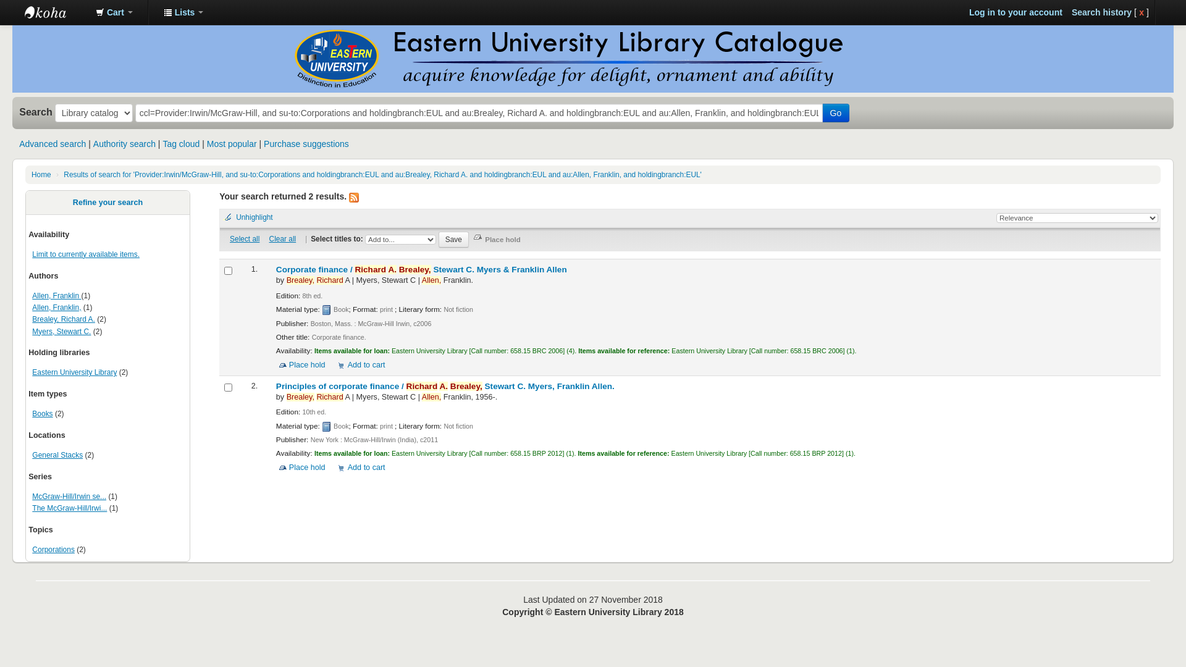  What do you see at coordinates (360, 364) in the screenshot?
I see `'Add to cart'` at bounding box center [360, 364].